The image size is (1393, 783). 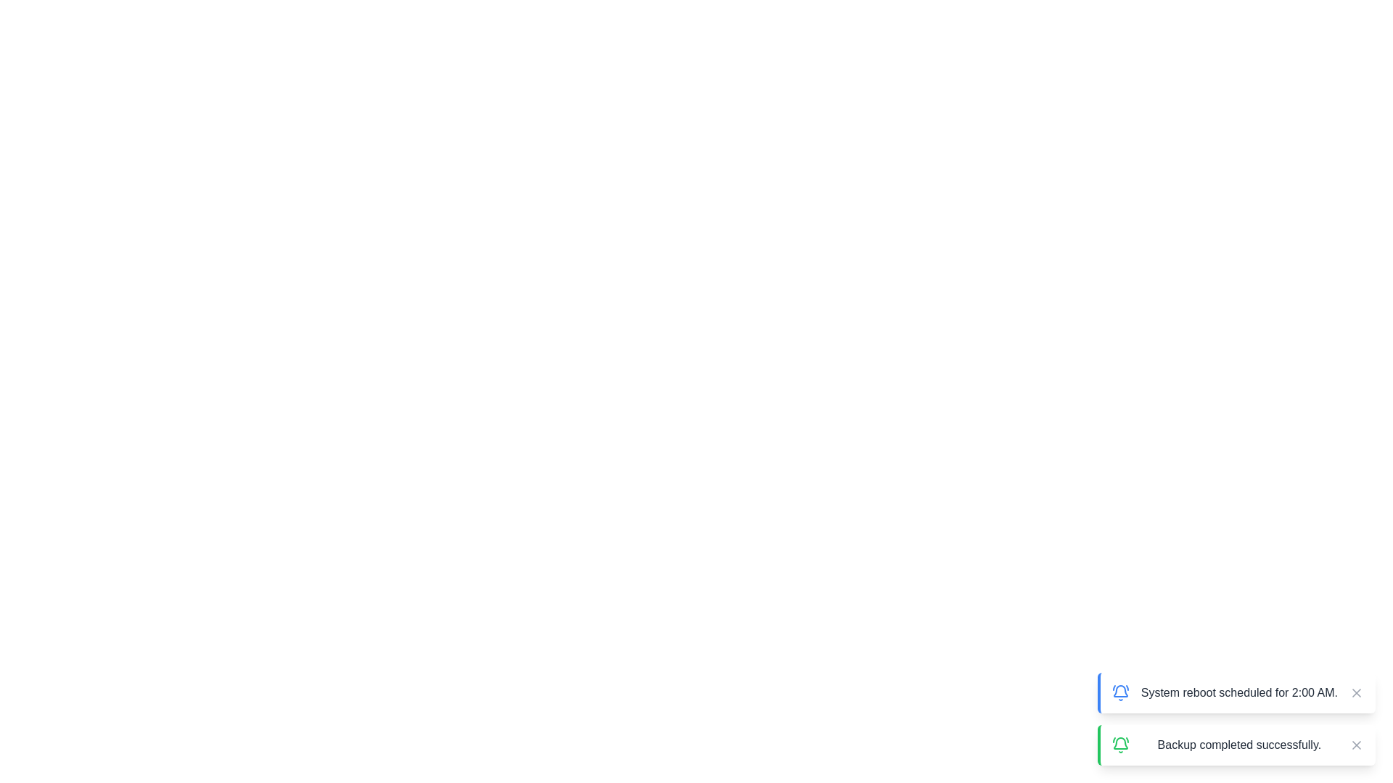 What do you see at coordinates (1356, 692) in the screenshot?
I see `the close button of the notification with the message 'System reboot scheduled for 2:00 AM.'` at bounding box center [1356, 692].